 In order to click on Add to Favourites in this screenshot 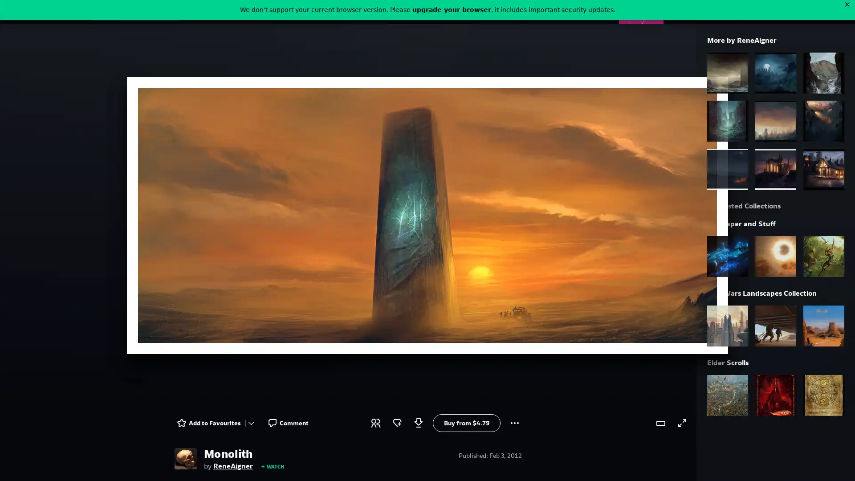, I will do `click(208, 422)`.